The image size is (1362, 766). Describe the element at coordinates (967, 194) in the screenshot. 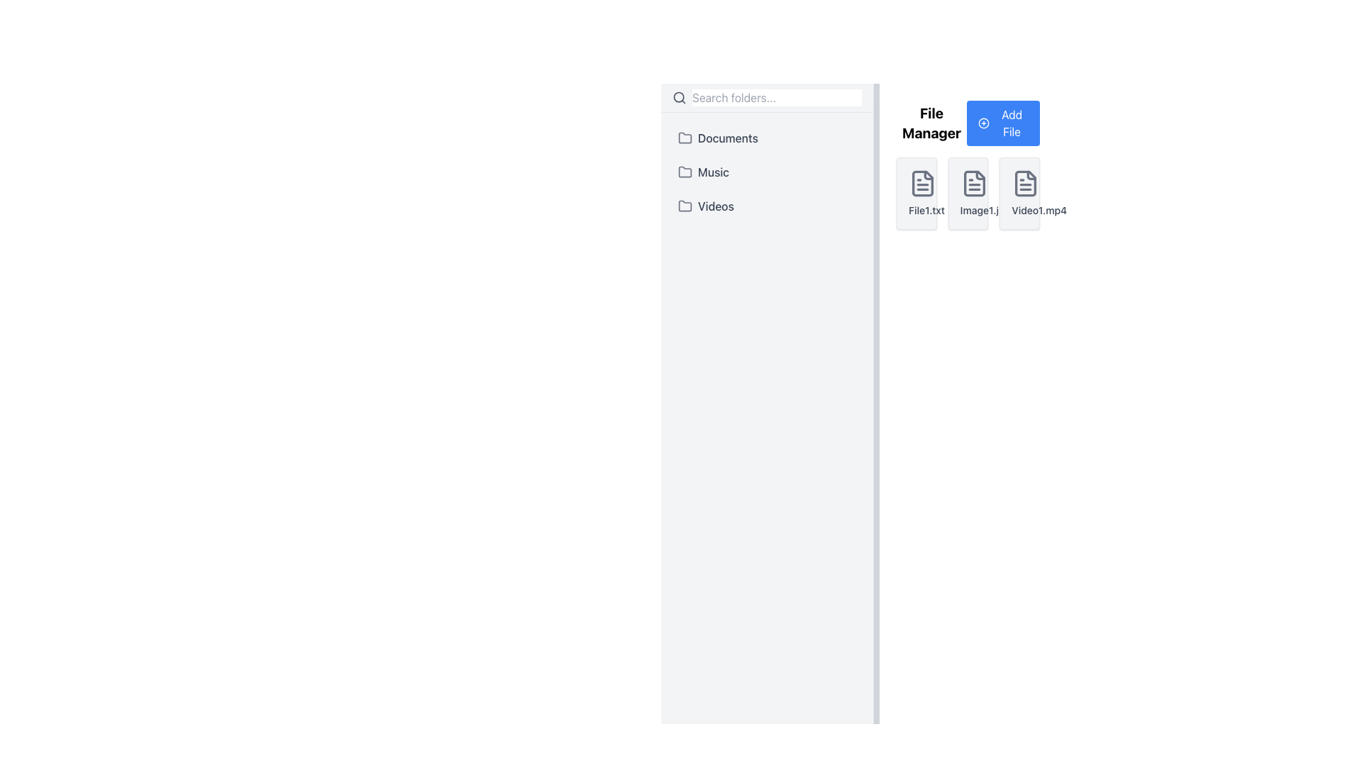

I see `the File preview block labeled 'Image1.jpg'` at that location.